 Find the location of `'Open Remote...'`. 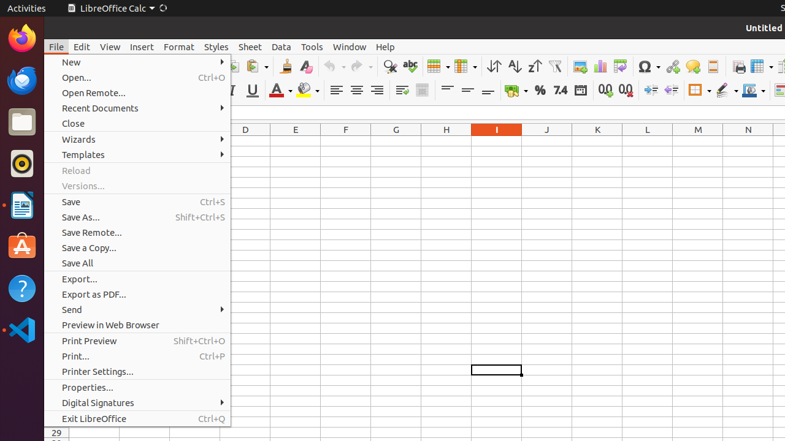

'Open Remote...' is located at coordinates (137, 92).